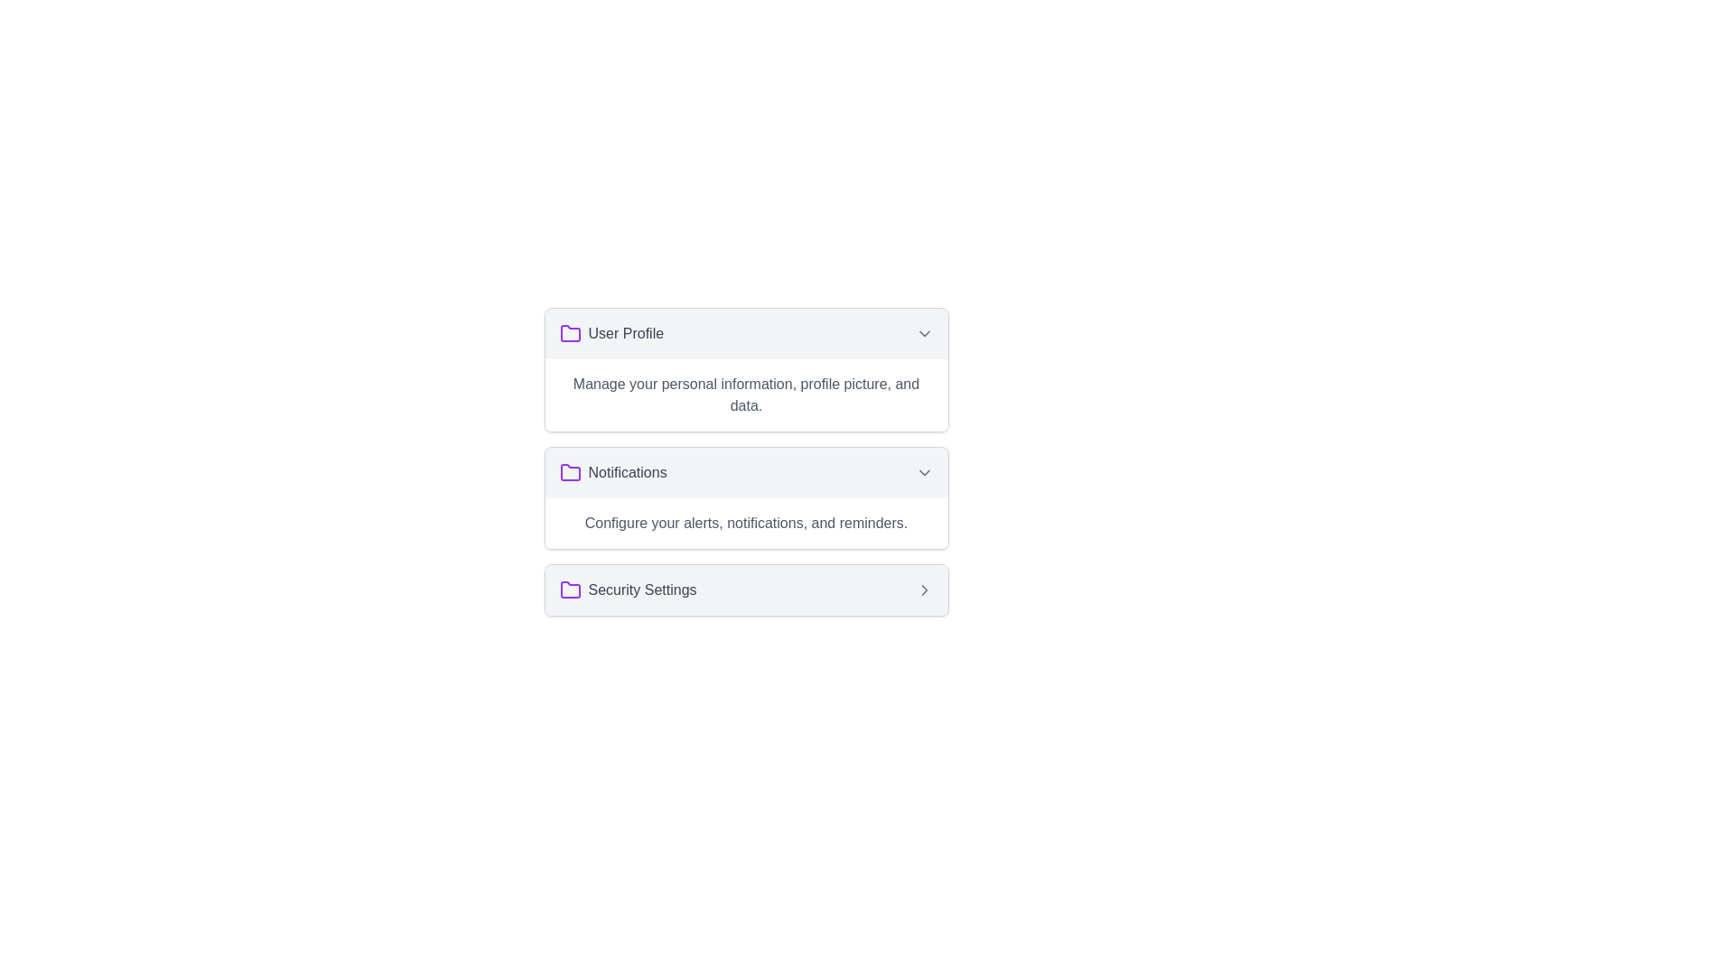 Image resolution: width=1734 pixels, height=975 pixels. I want to click on the right-facing chevron arrow icon in the 'Security Settings' section, so click(924, 590).